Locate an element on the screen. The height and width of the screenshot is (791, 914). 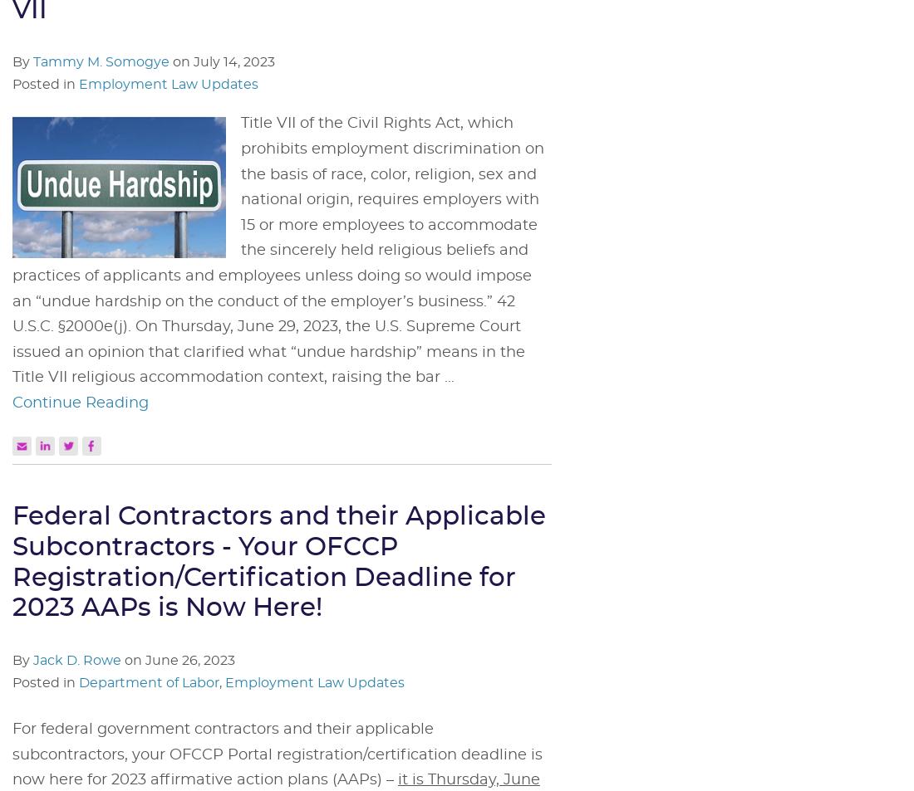
'Federal Contractors and their Applicable Subcontractors - Your OFCCP Registration/Certification Deadline for 2023 AAPs is Now Here!' is located at coordinates (278, 562).